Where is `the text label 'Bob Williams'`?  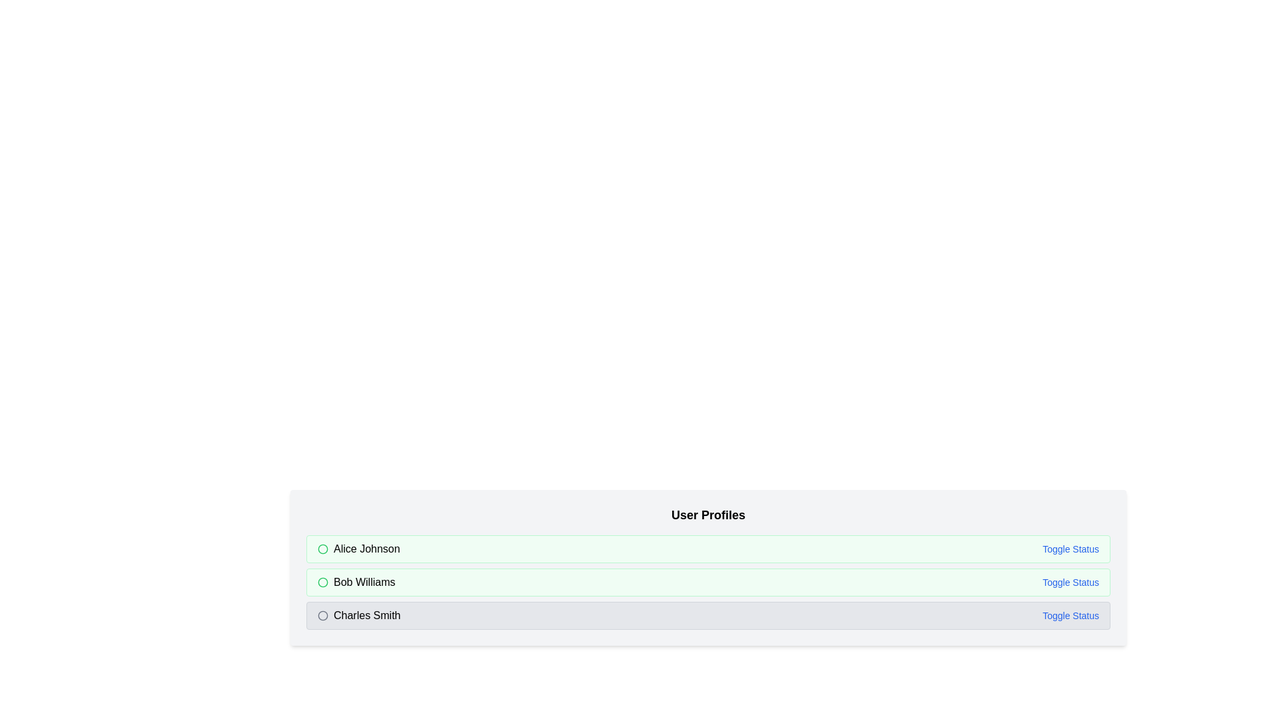
the text label 'Bob Williams' is located at coordinates (364, 582).